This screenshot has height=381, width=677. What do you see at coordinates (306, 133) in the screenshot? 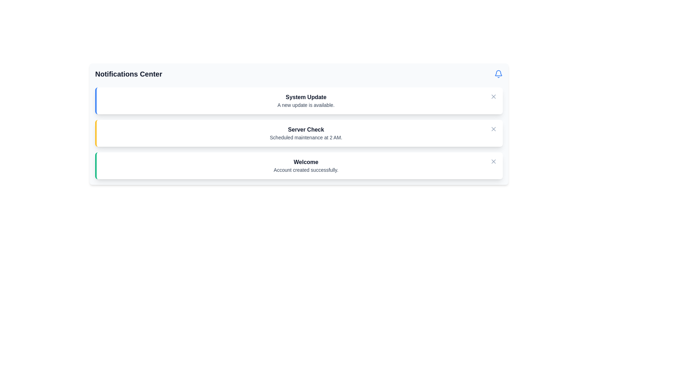
I see `the notification text block containing the title 'Server Check' and the description 'Scheduled maintenance at 2 AM.' which is the second card in the vertically stacked list of notifications` at bounding box center [306, 133].